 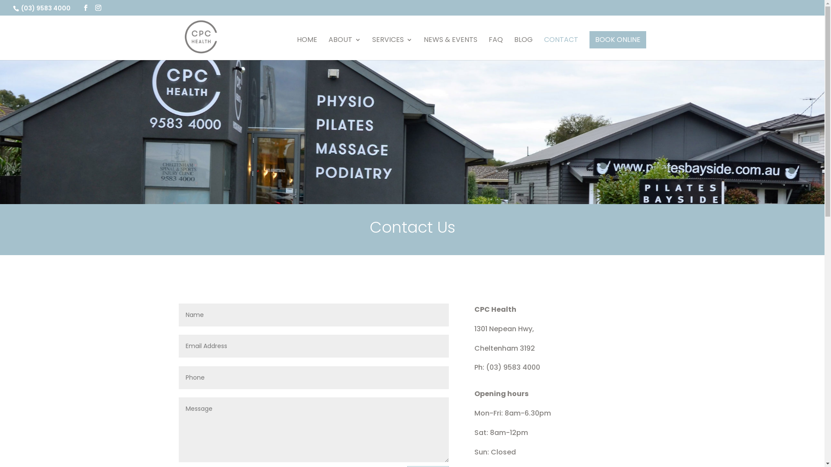 I want to click on 'CONTACT', so click(x=560, y=48).